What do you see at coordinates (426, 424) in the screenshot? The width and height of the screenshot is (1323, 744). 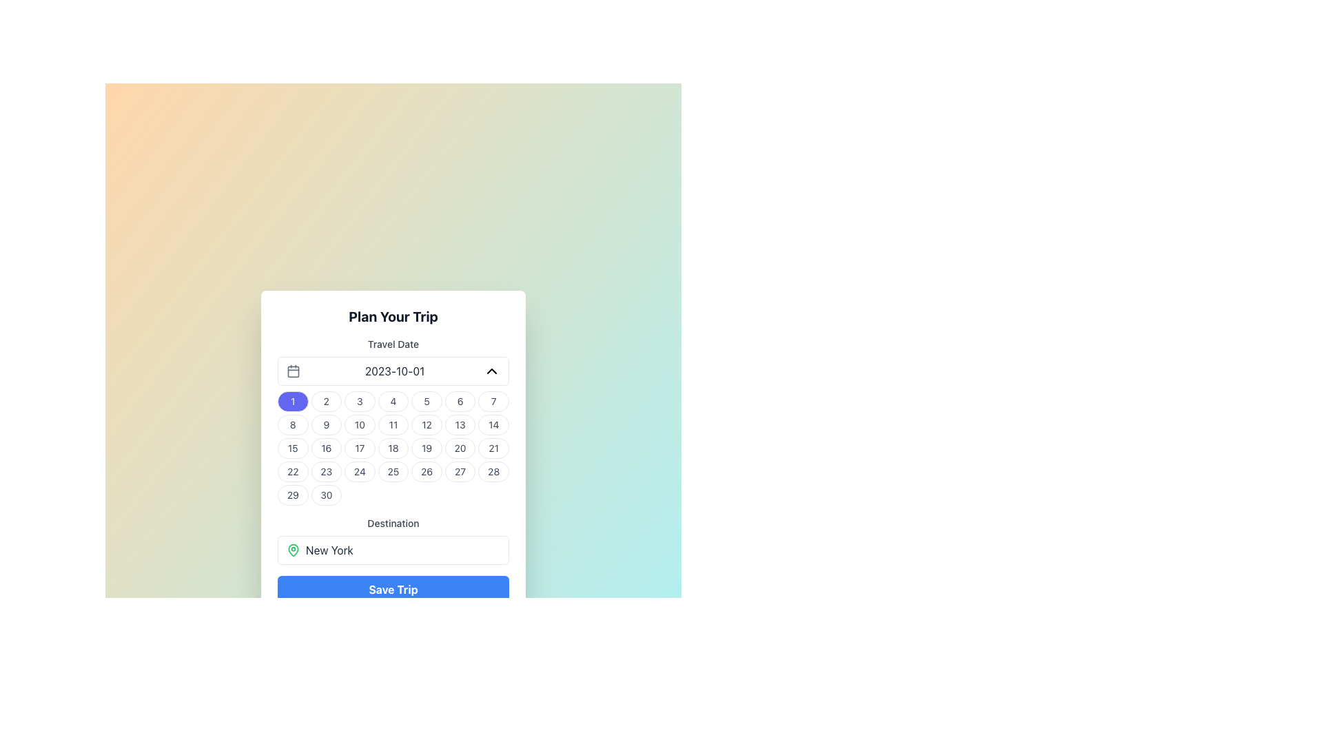 I see `the date selector button for the date '12' located in the second row of the date grid after the buttons for '8', '9', '10', and '11'` at bounding box center [426, 424].